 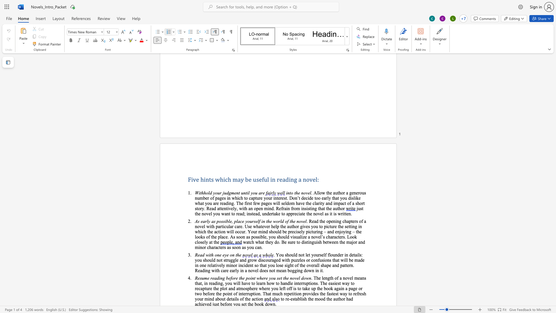 I want to click on the space between the continuous character "a" and "r" in the text, so click(x=213, y=247).